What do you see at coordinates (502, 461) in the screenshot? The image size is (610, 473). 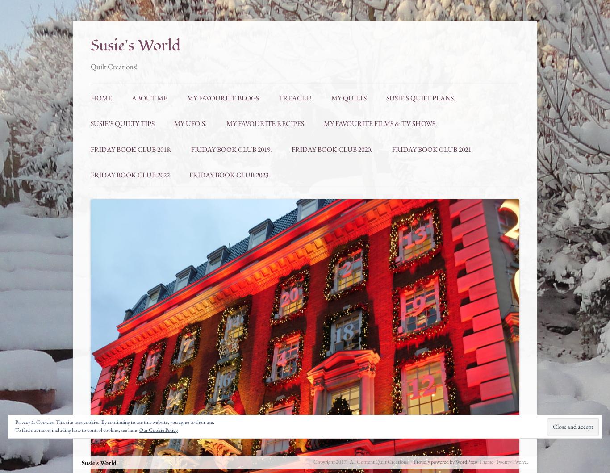 I see `'Theme: Twenty Twelve.'` at bounding box center [502, 461].